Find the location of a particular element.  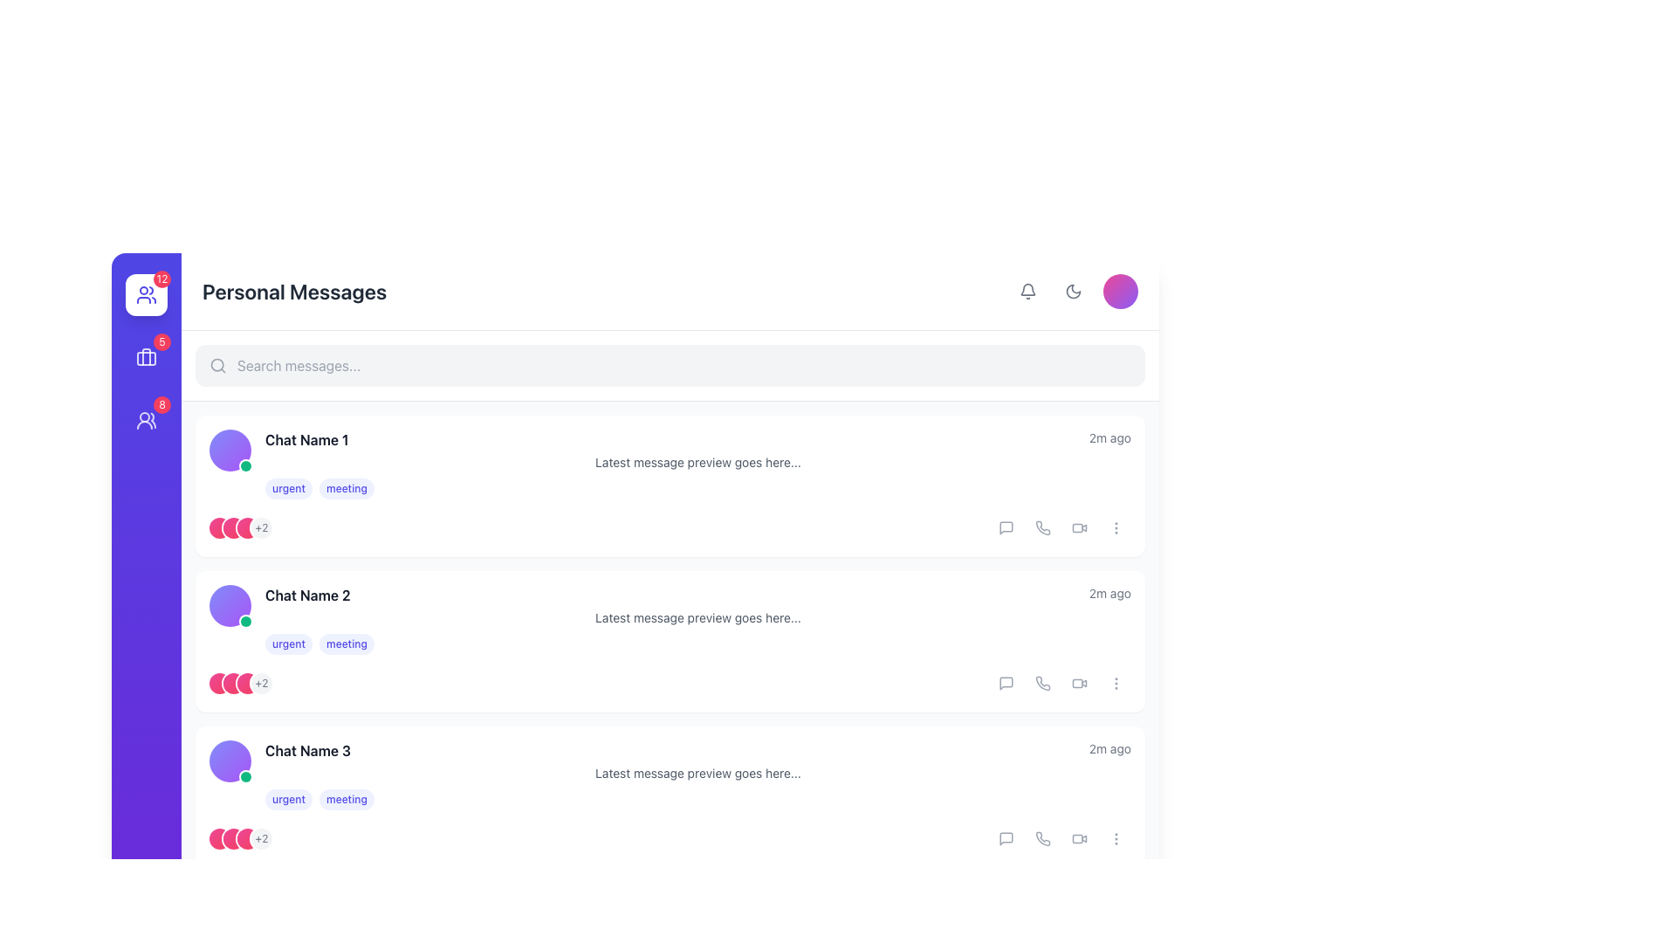

the section header indicating personal messages, located at the top-left section of the interface, adjacent to icons on the right is located at coordinates (294, 291).